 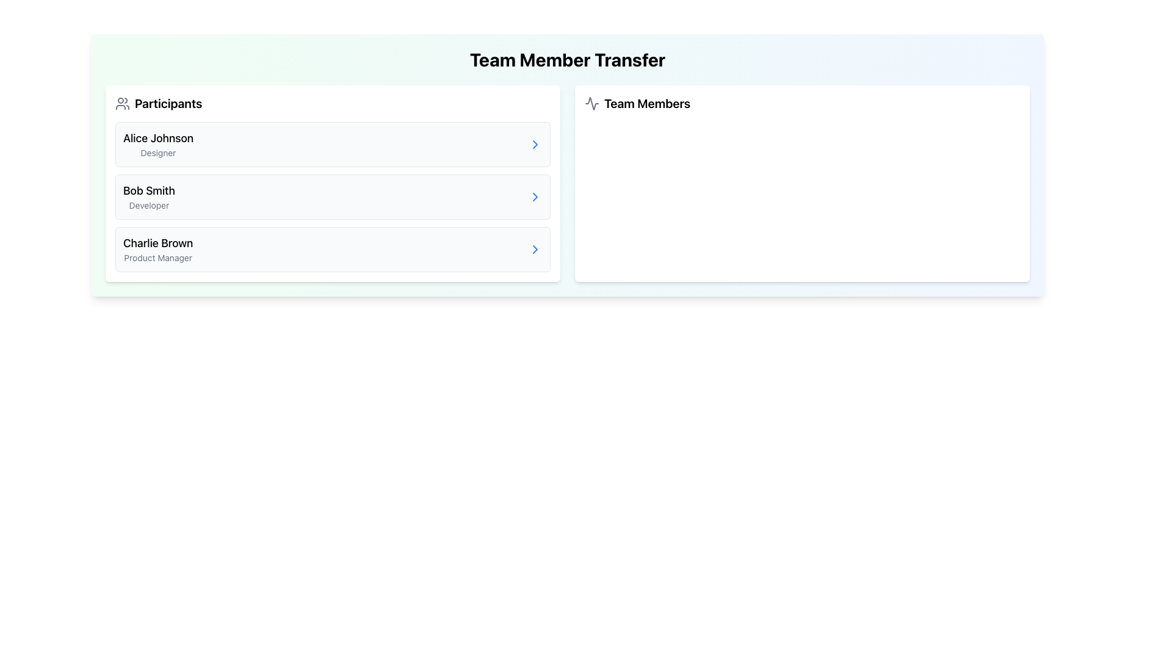 I want to click on the text label reading 'Participants' which is styled with a bold, large font size, located in the upper-left section of the interface next to a user icon, so click(x=168, y=103).